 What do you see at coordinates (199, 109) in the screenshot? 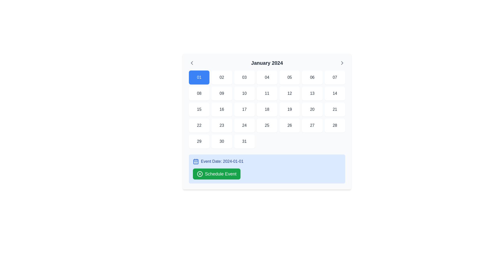
I see `the square-shaped button with the light gray text '15' centered within it, located under the 'January 2024' header` at bounding box center [199, 109].